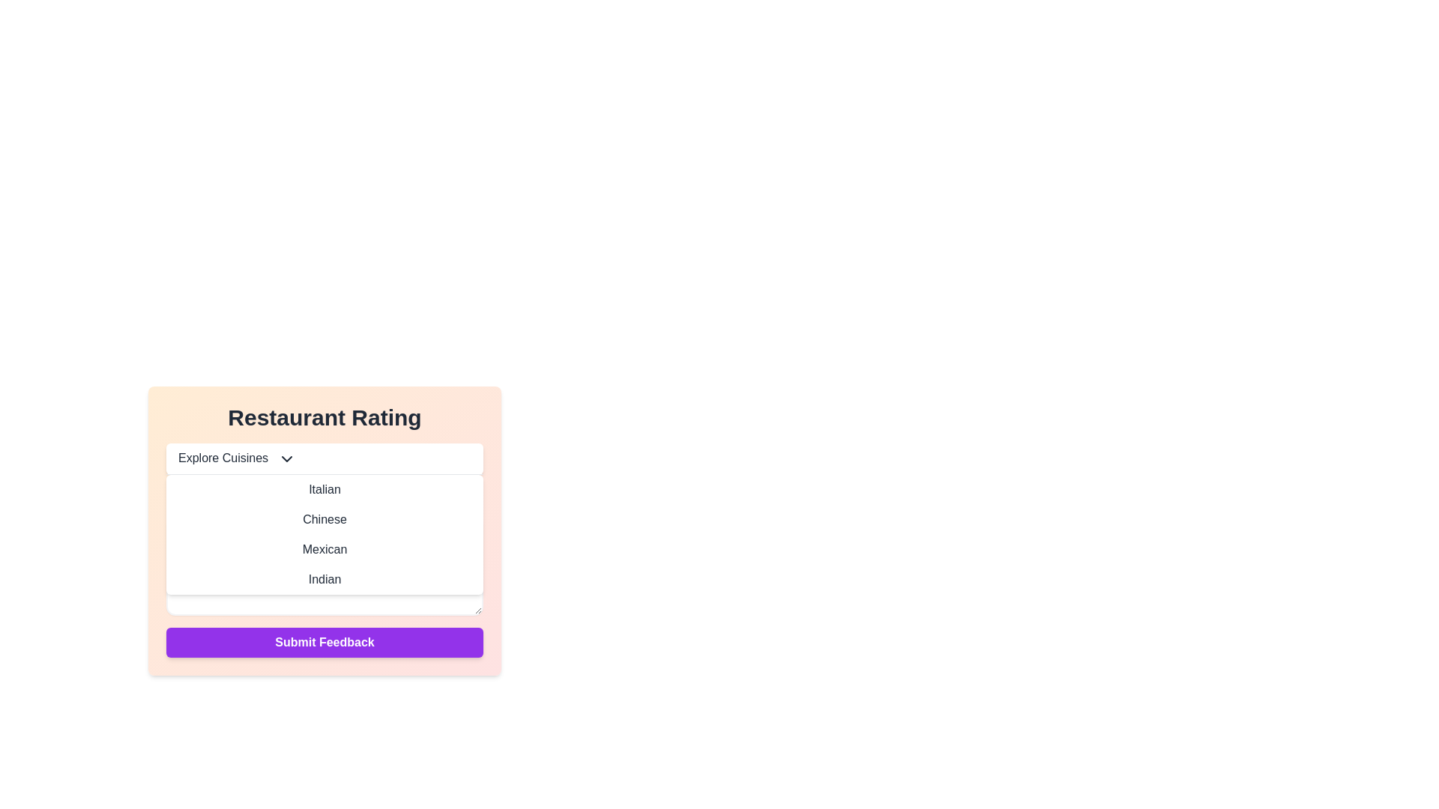 The height and width of the screenshot is (809, 1439). Describe the element at coordinates (324, 418) in the screenshot. I see `the large, bold heading 'Restaurant Rating' which is styled with a dark gray font and centered alignment, located at the top of the panel above the 'Explore Cuisines' dropdown` at that location.